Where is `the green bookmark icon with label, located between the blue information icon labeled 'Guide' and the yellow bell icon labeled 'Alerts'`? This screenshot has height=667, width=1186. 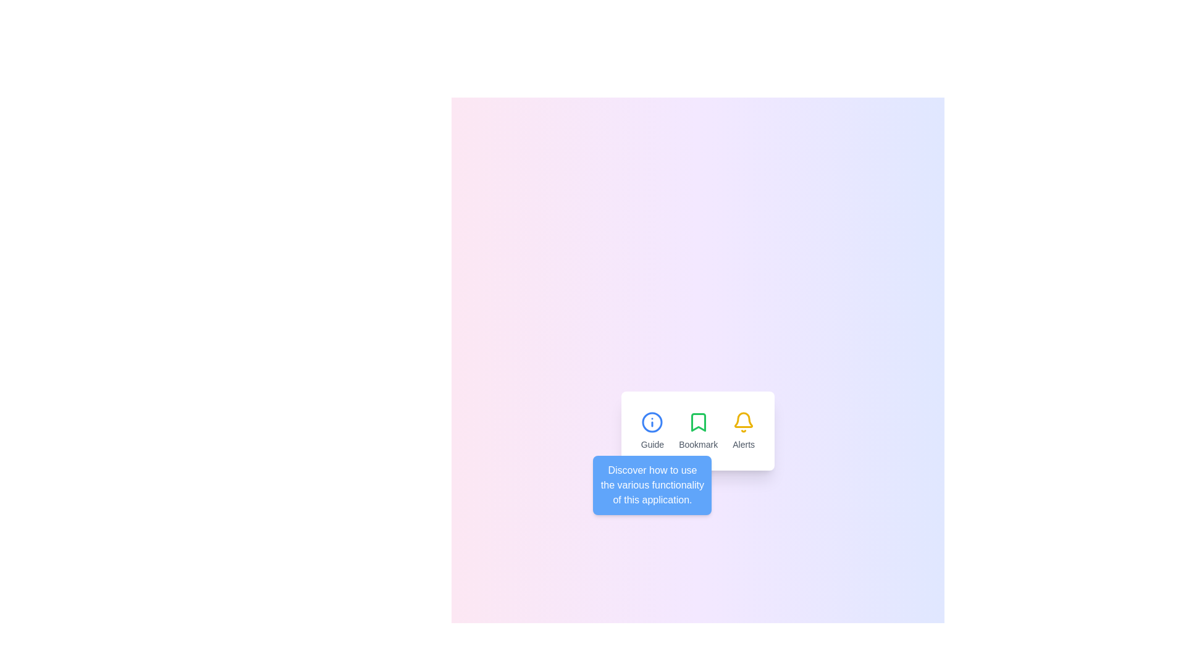
the green bookmark icon with label, located between the blue information icon labeled 'Guide' and the yellow bell icon labeled 'Alerts' is located at coordinates (697, 430).